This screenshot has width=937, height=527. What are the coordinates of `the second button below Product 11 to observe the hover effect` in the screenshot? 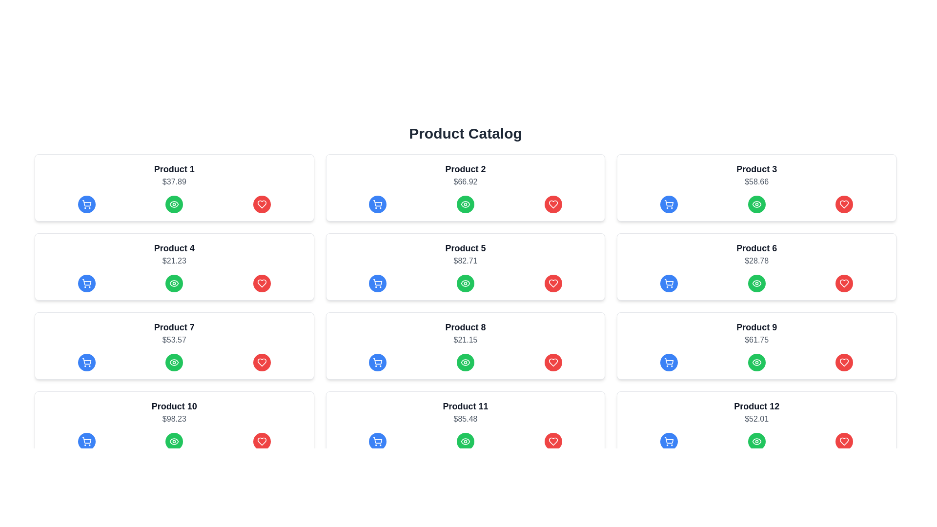 It's located at (465, 442).